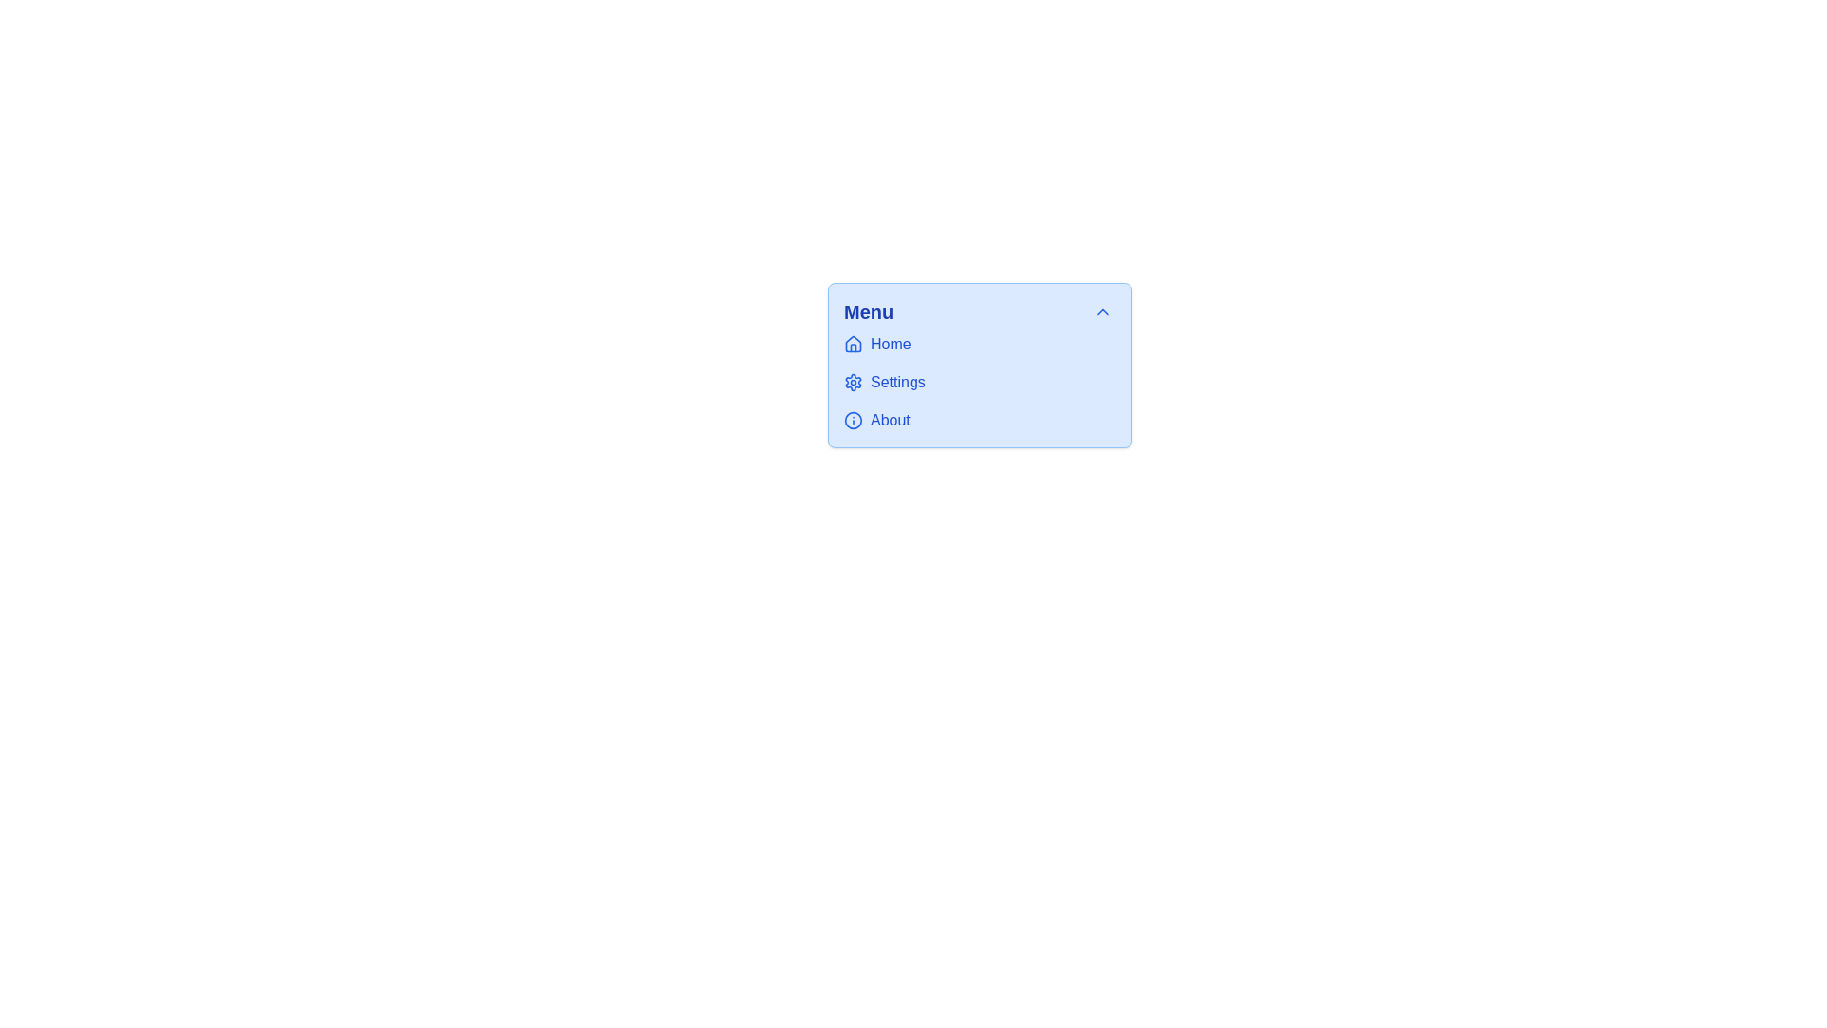 The width and height of the screenshot is (1827, 1028). I want to click on the small circular blue outlined icon with an information symbol located to the left of the 'About' text in the vertical menu listing, so click(853, 420).